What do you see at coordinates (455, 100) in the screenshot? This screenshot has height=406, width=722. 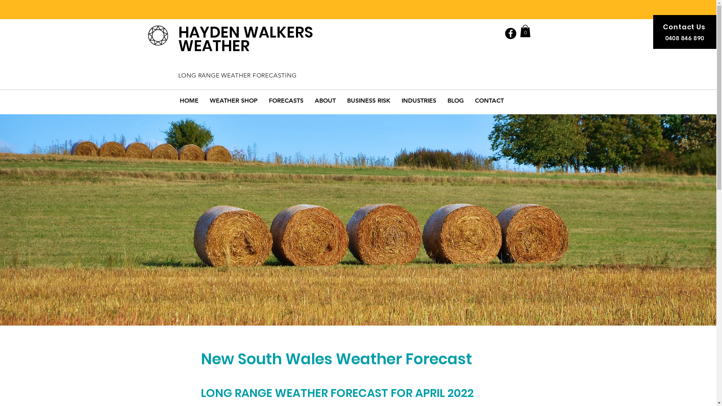 I see `'BLOG'` at bounding box center [455, 100].